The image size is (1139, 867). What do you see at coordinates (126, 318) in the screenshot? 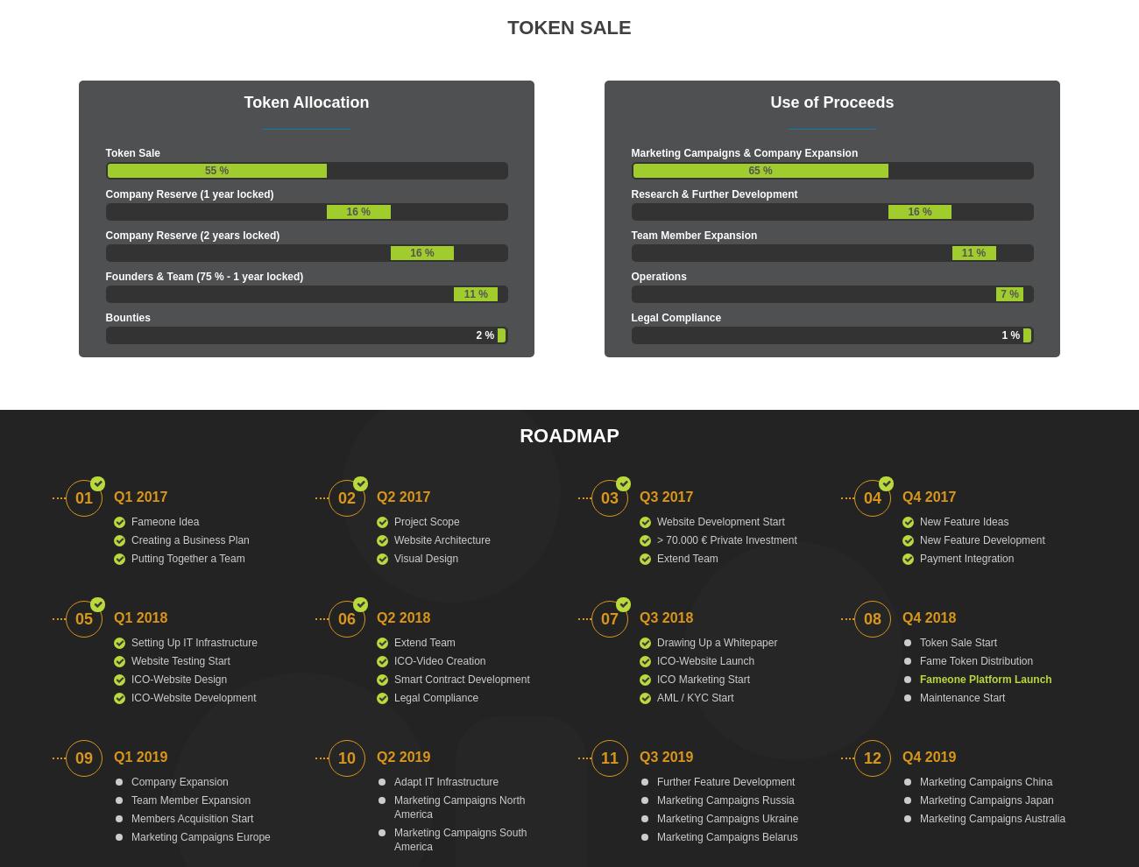
I see `'Bounties'` at bounding box center [126, 318].